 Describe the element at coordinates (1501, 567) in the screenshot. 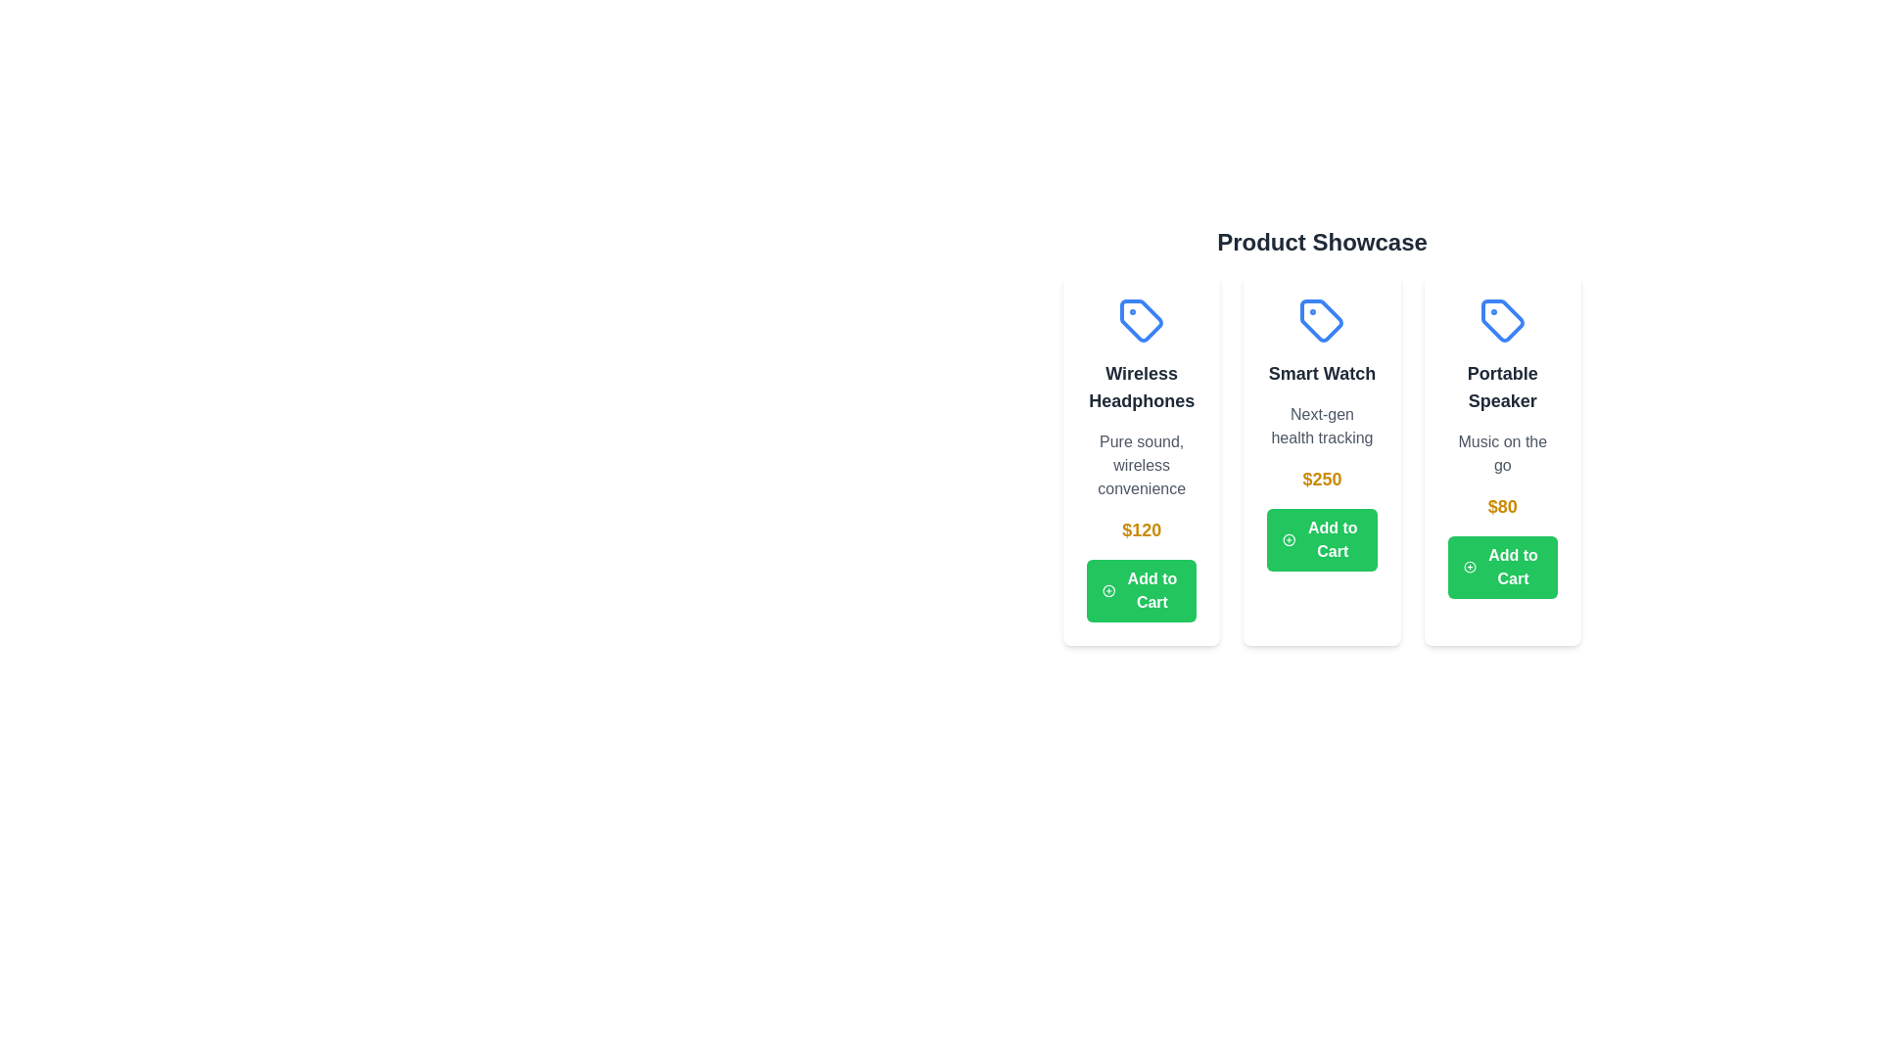

I see `'Add to Cart' button for the product identified by Portable Speaker` at that location.